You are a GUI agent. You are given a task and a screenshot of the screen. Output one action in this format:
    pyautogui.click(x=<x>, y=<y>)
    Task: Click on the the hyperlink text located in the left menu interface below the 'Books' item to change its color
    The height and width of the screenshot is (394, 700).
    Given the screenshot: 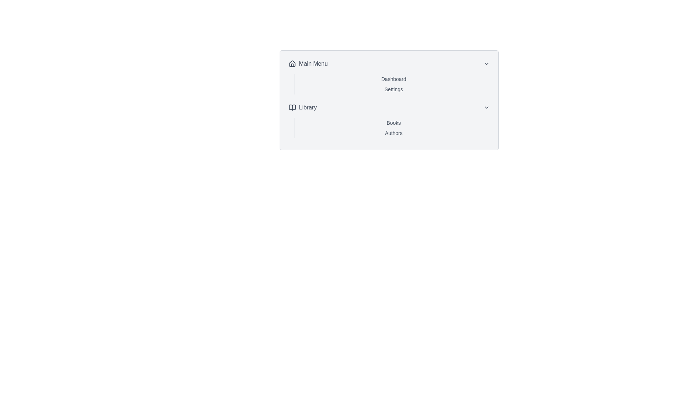 What is the action you would take?
    pyautogui.click(x=393, y=133)
    